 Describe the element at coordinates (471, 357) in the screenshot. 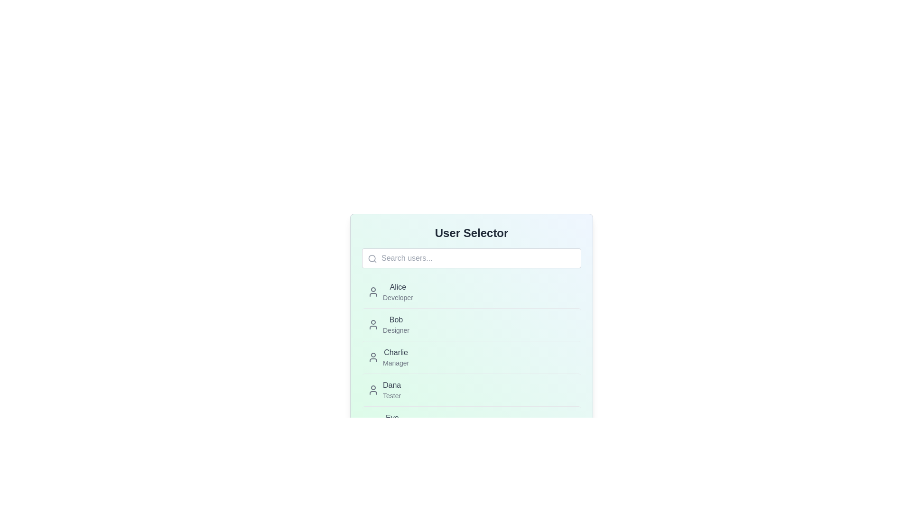

I see `the selectable list item representing the user 'Charlie' with the role 'Manager', which is the third entry in the 'User Selector' section` at that location.